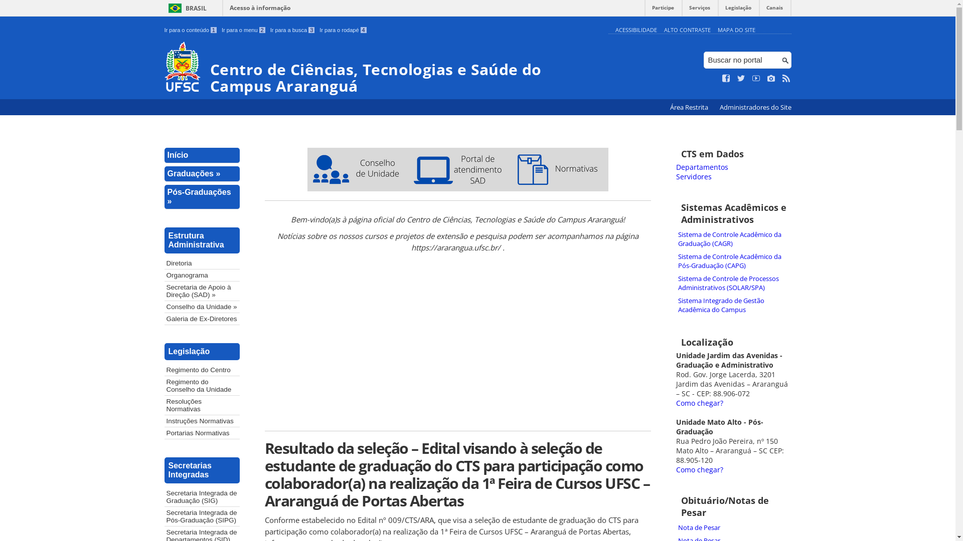 This screenshot has width=963, height=541. What do you see at coordinates (741, 78) in the screenshot?
I see `'Siga no Twitter'` at bounding box center [741, 78].